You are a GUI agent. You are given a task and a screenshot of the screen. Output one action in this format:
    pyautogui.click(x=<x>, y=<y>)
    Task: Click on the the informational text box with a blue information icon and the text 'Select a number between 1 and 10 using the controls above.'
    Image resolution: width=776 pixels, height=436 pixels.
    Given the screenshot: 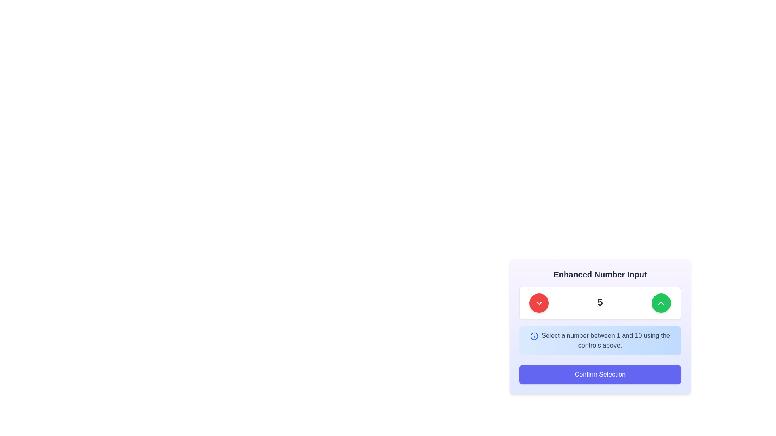 What is the action you would take?
    pyautogui.click(x=600, y=341)
    